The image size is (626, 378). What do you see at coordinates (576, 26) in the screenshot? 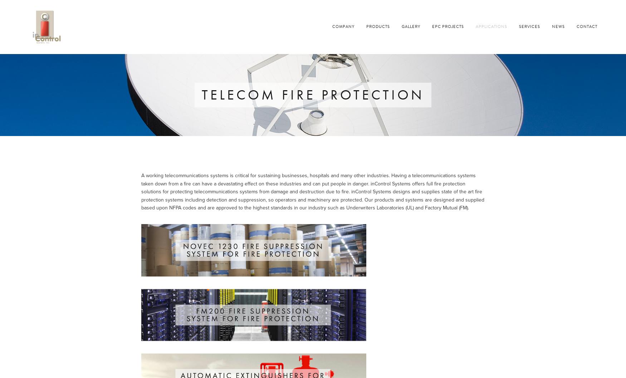
I see `'Contact'` at bounding box center [576, 26].